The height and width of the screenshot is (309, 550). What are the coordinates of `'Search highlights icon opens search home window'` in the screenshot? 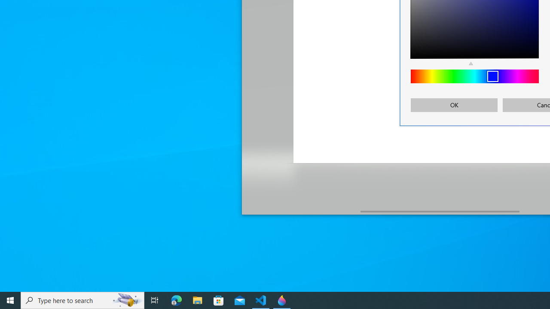 It's located at (126, 300).